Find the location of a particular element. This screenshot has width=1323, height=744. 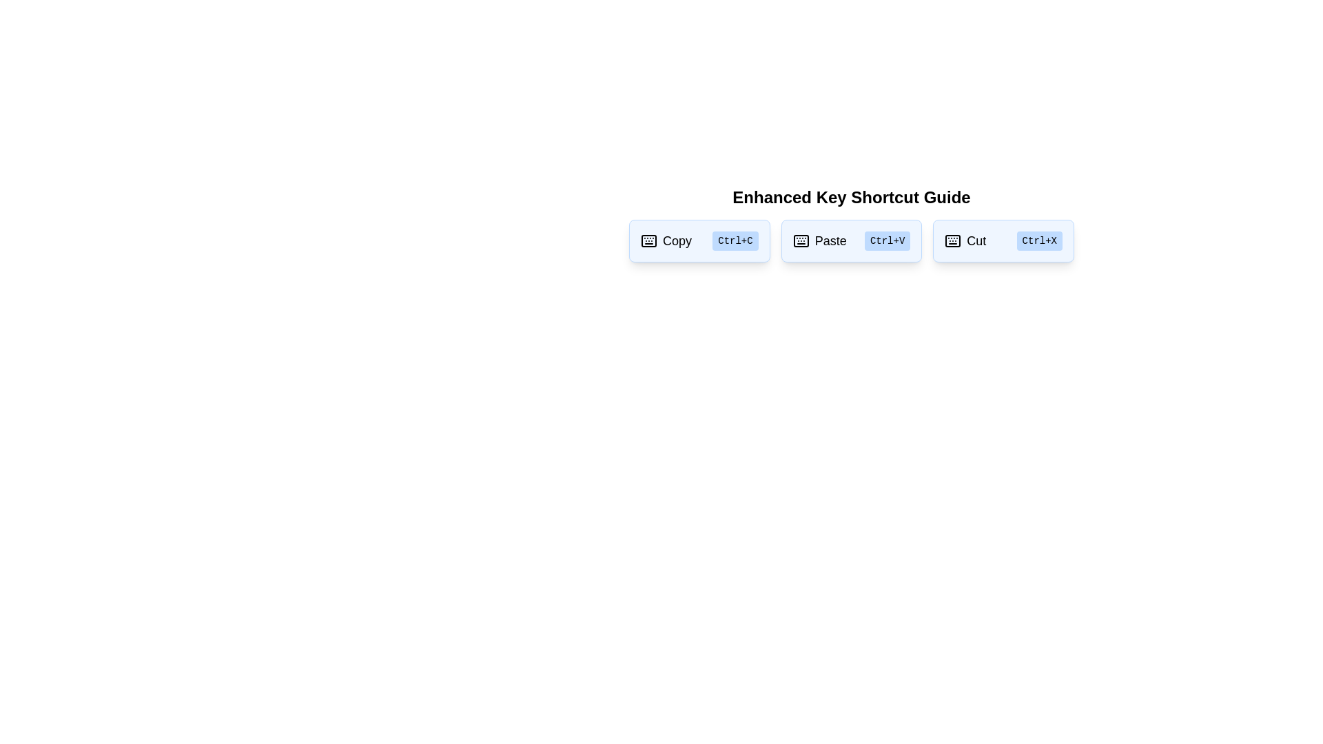

the 'Copy' button which features a keyboard icon on the left and the text 'Copy' in a larger font size, positioned as the left-most element in the horizontal arrangement of Copy, Paste, and Cut options is located at coordinates (666, 240).